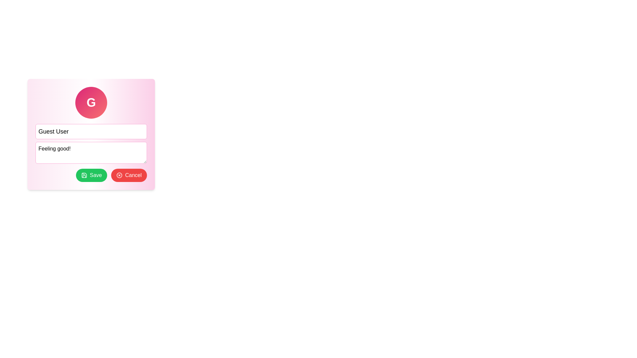 The height and width of the screenshot is (358, 637). What do you see at coordinates (95, 175) in the screenshot?
I see `the green button labeled 'Save' located in the central part of the button` at bounding box center [95, 175].